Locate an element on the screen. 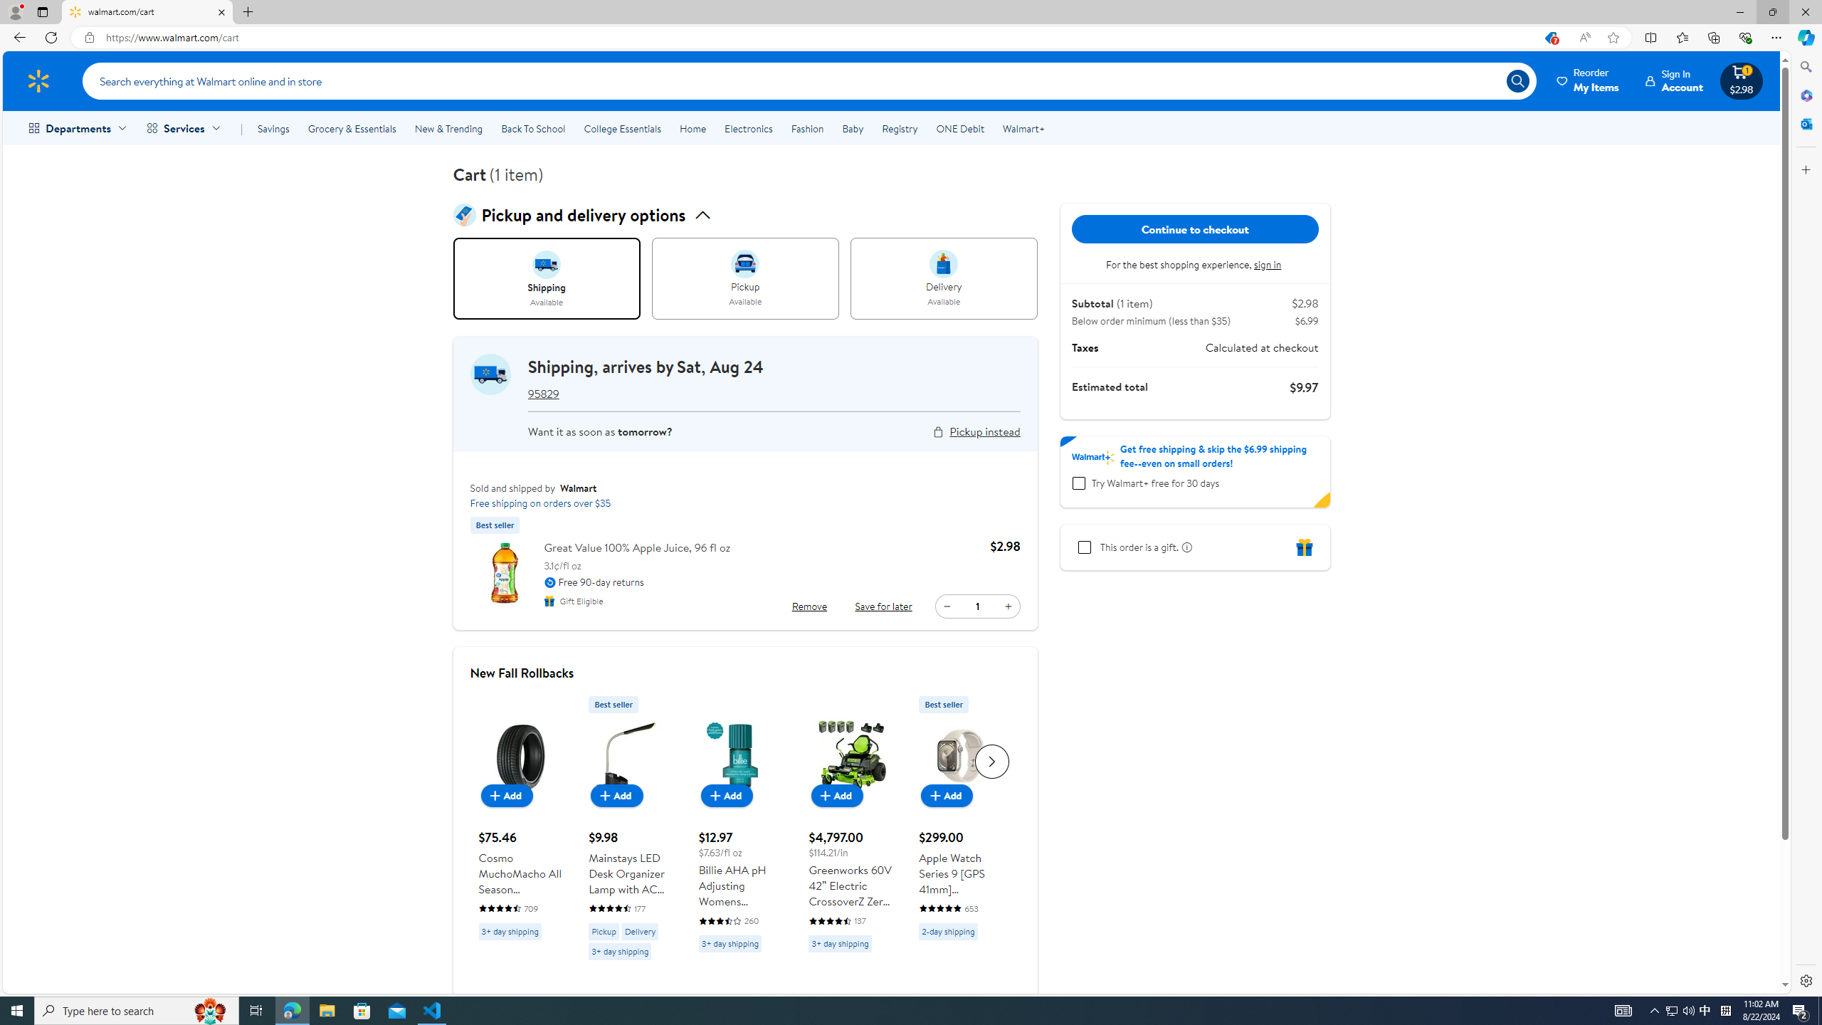 The height and width of the screenshot is (1025, 1822). 'Reorder My Items' is located at coordinates (1588, 80).